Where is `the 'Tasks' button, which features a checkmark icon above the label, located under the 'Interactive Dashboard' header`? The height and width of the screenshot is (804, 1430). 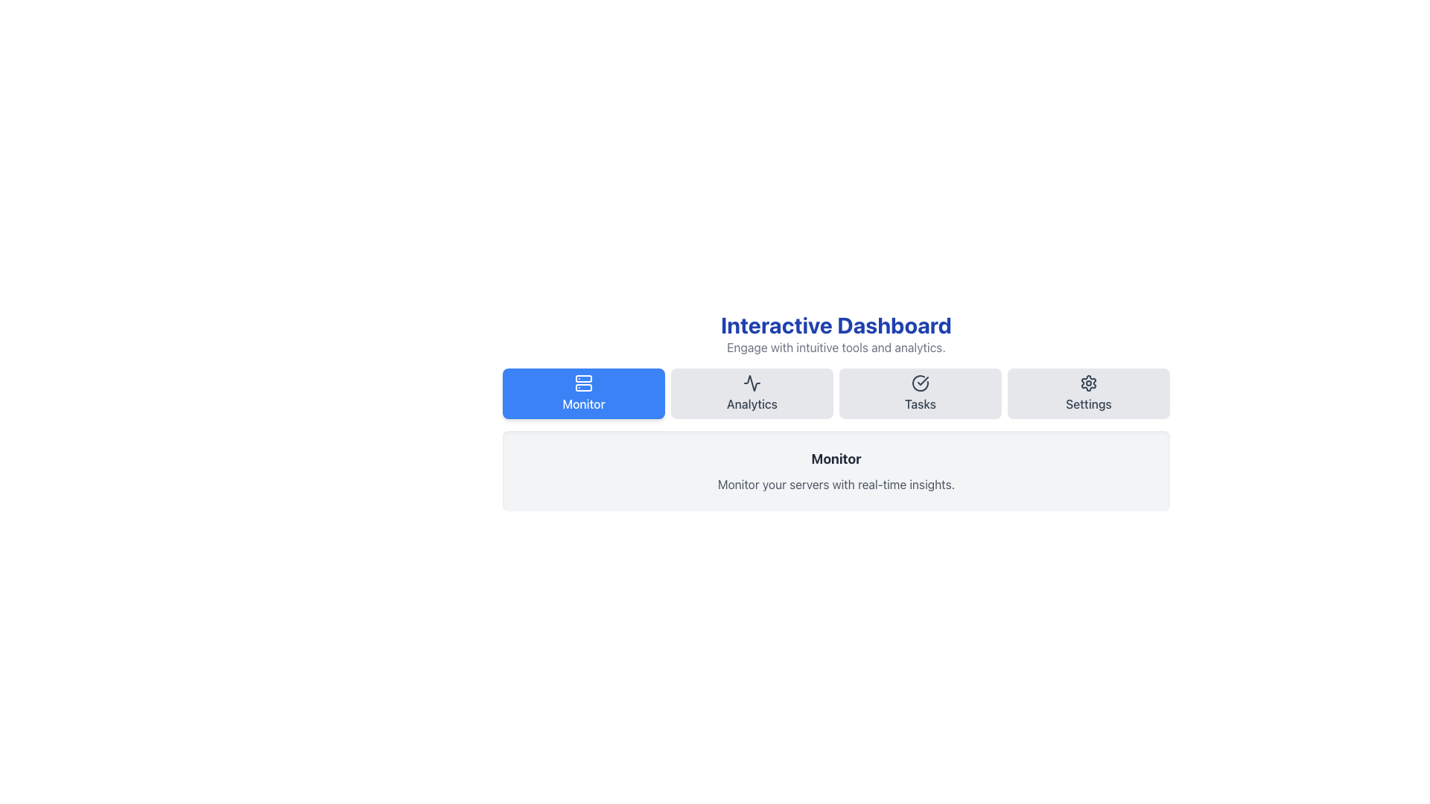 the 'Tasks' button, which features a checkmark icon above the label, located under the 'Interactive Dashboard' header is located at coordinates (920, 392).